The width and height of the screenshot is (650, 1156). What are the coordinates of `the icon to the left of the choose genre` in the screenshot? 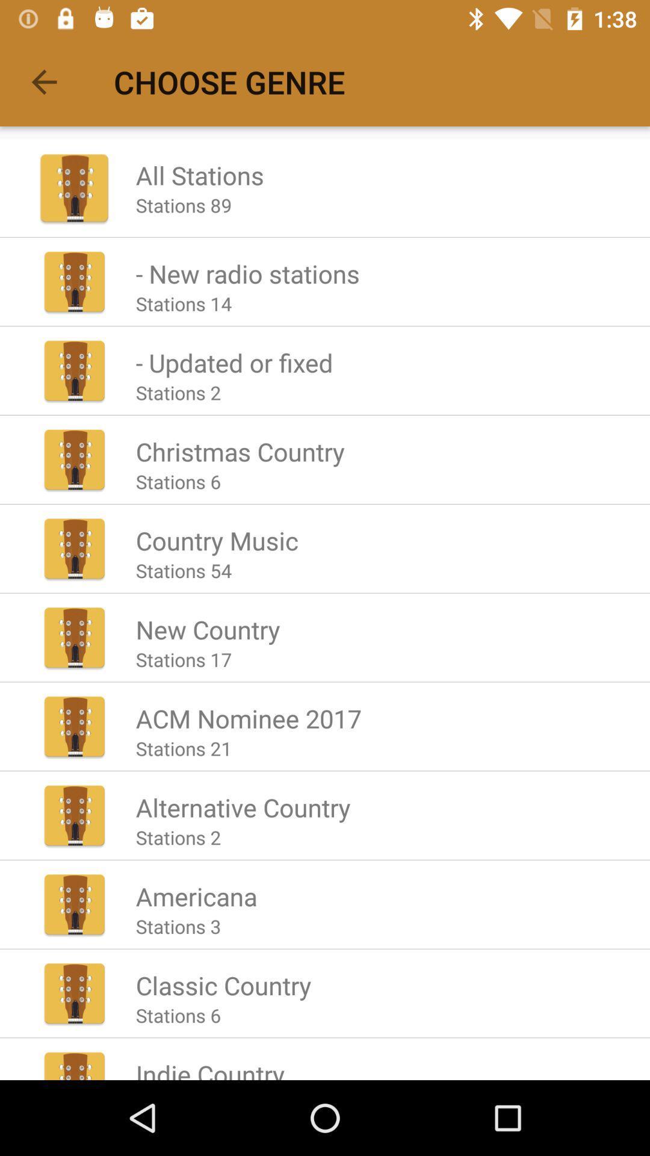 It's located at (43, 81).